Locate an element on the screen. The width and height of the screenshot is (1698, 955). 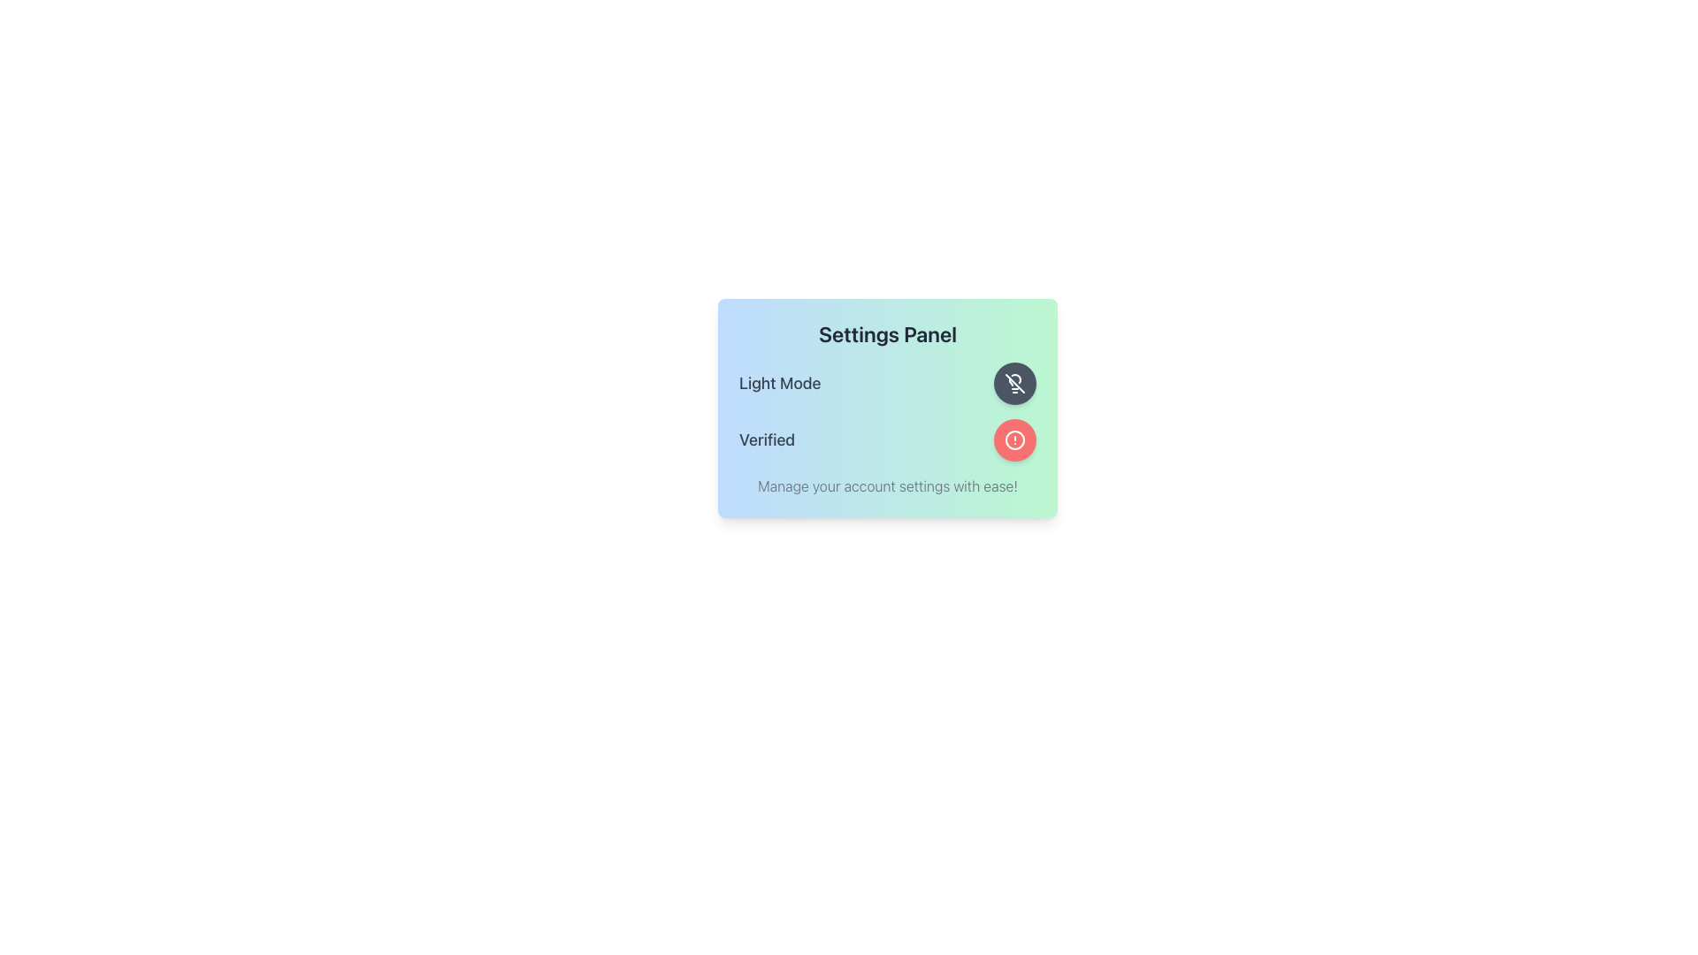
the Circular graphic that is part of the alert or notification icon located next to the 'Verified' label in the settings panel interface is located at coordinates (1014, 439).